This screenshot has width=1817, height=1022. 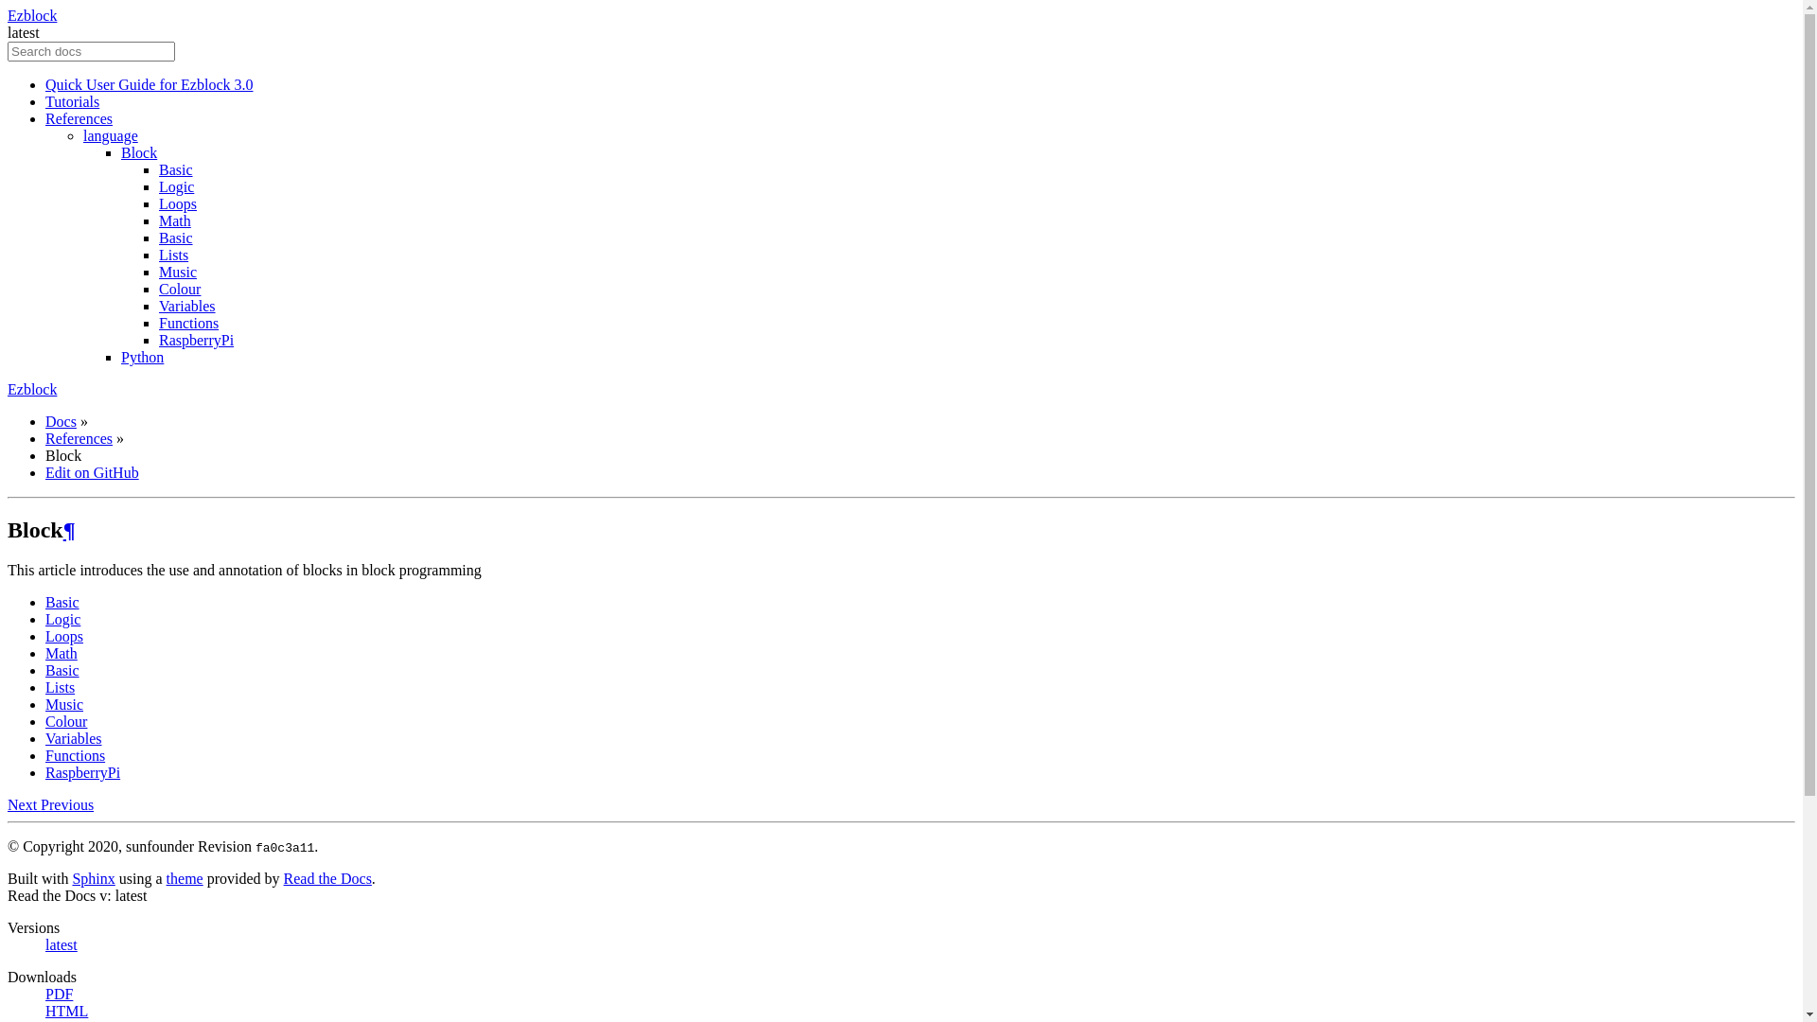 I want to click on 'Loops', so click(x=159, y=203).